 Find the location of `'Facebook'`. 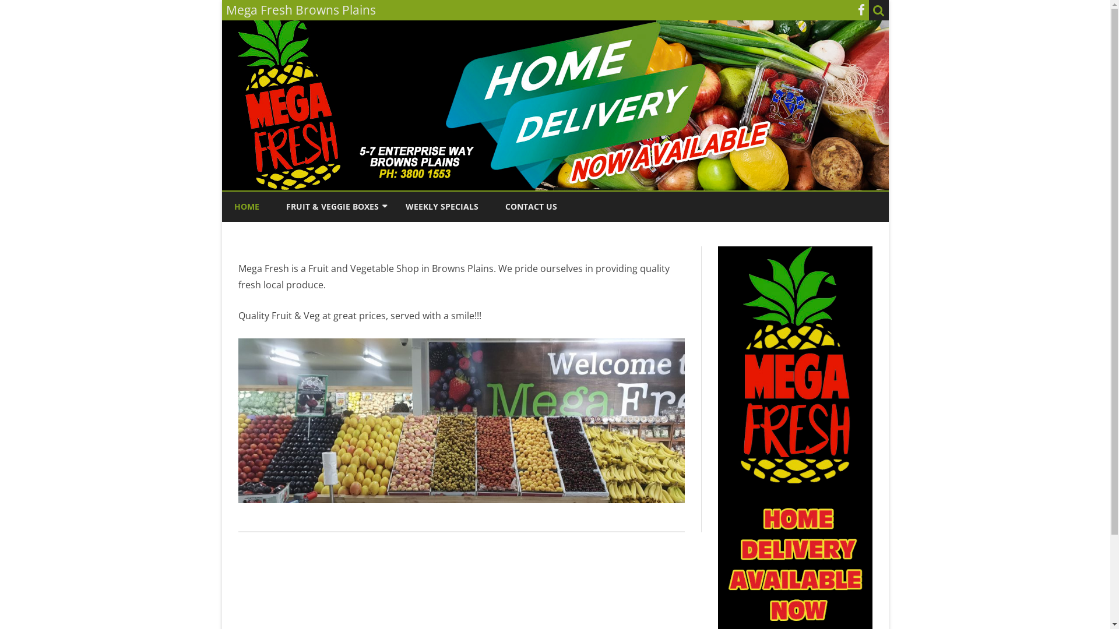

'Facebook' is located at coordinates (861, 9).